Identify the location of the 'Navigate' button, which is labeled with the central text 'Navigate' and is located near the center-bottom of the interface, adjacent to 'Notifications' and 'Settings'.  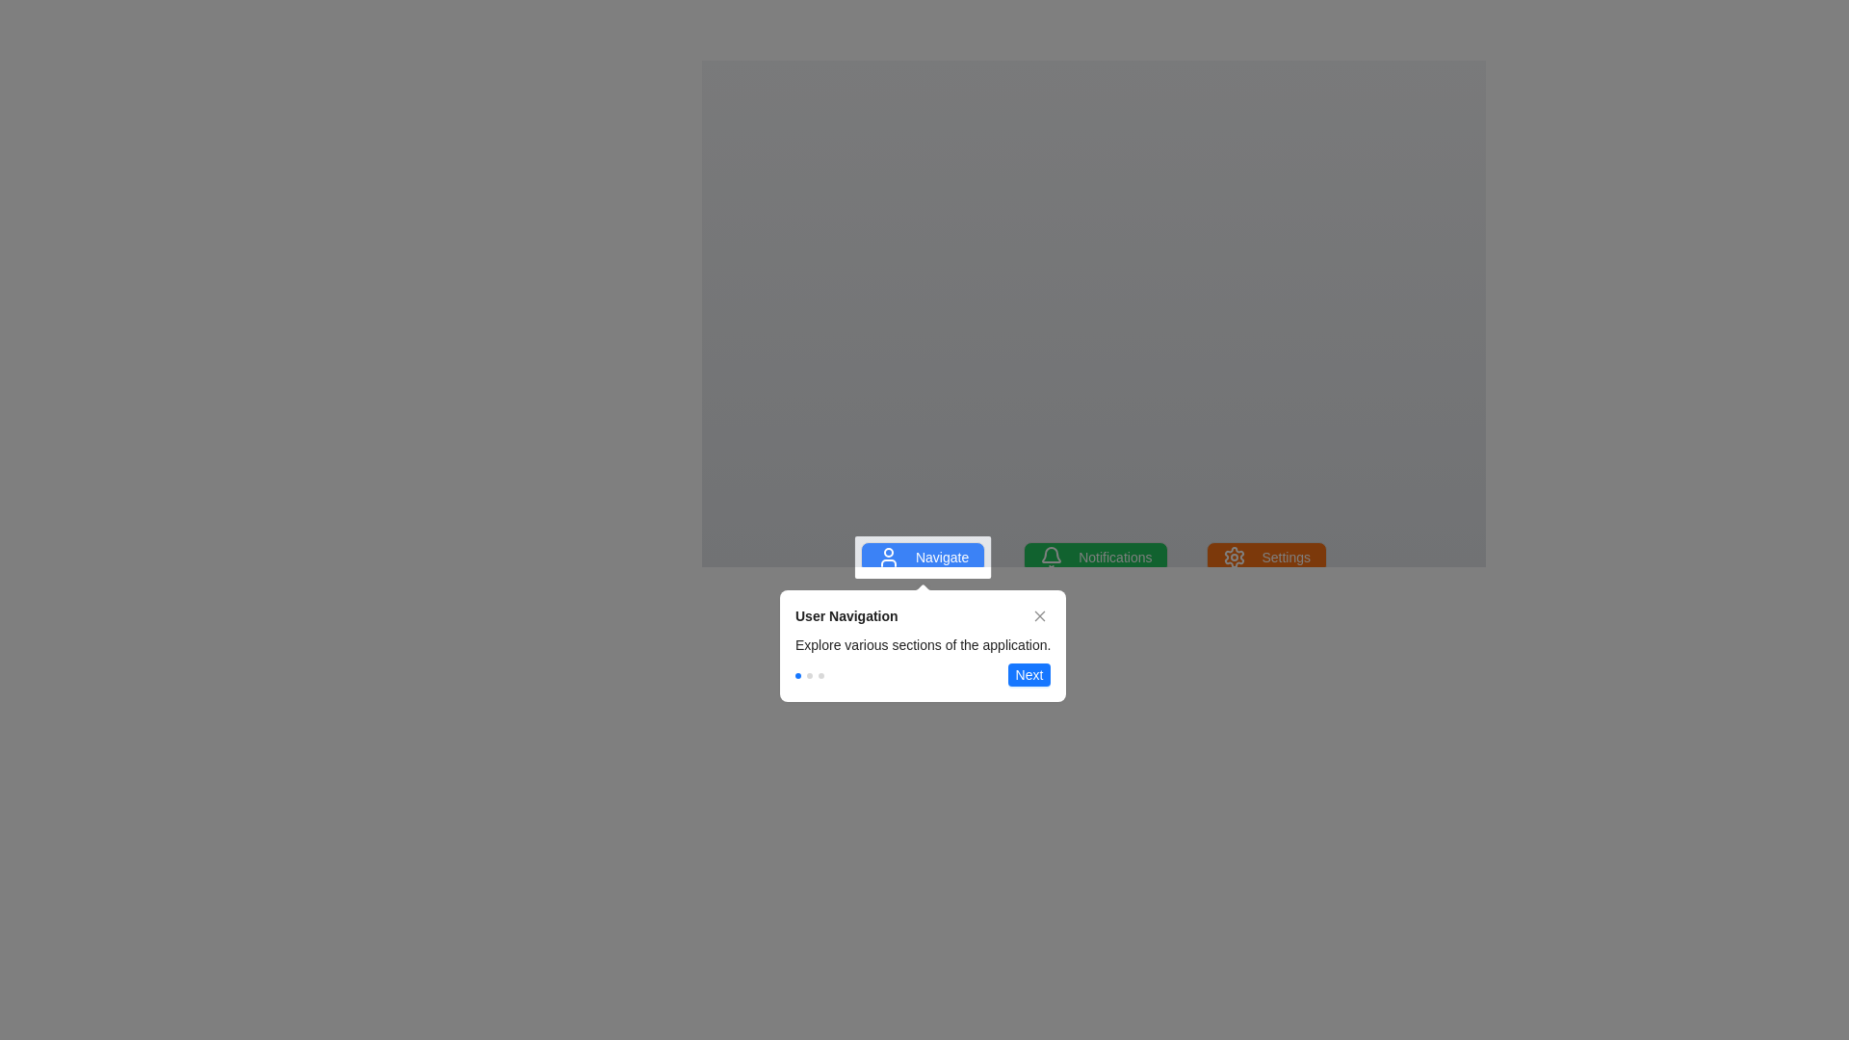
(942, 557).